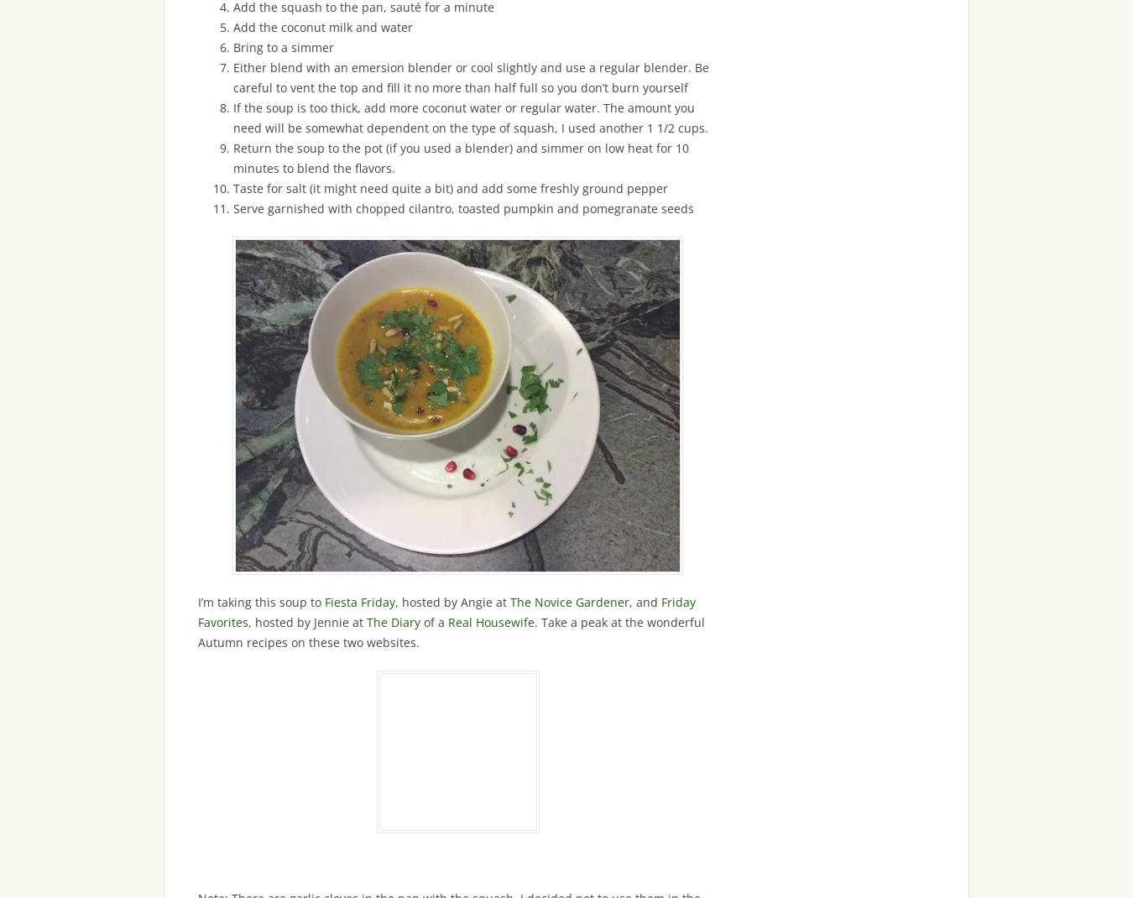 This screenshot has height=898, width=1133. Describe the element at coordinates (446, 611) in the screenshot. I see `'Friday Favorites'` at that location.